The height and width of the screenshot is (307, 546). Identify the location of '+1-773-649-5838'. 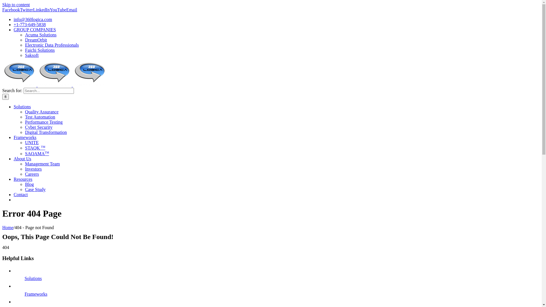
(29, 24).